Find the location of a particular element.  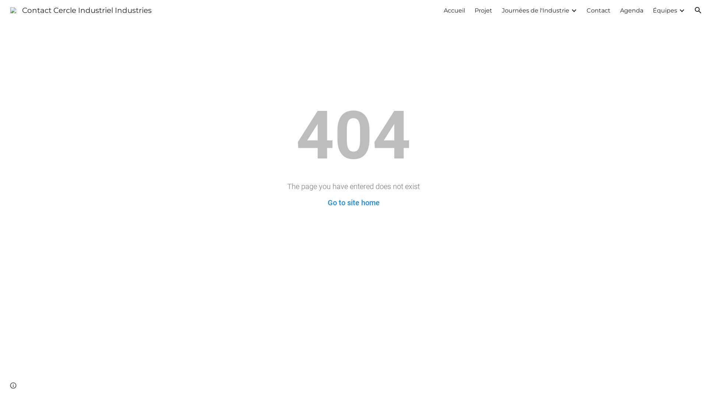

'Expand/Collapse' is located at coordinates (681, 10).